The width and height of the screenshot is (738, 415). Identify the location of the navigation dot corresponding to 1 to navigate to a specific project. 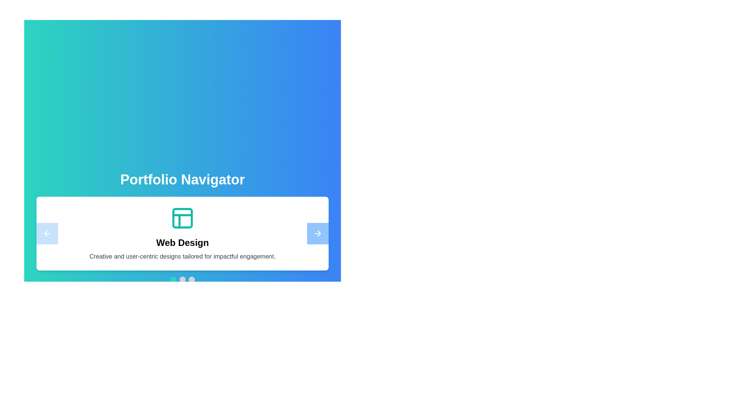
(182, 280).